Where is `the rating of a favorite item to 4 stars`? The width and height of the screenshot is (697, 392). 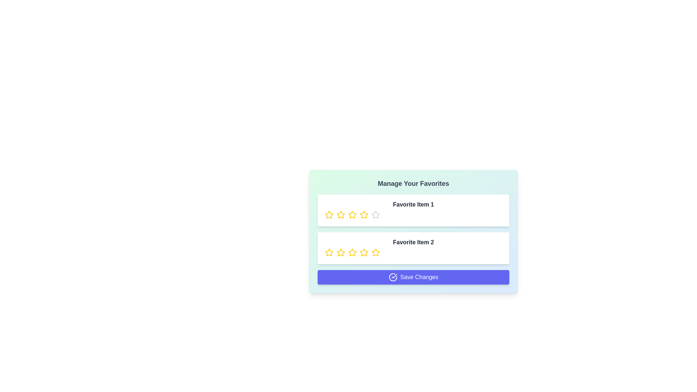
the rating of a favorite item to 4 stars is located at coordinates (364, 214).